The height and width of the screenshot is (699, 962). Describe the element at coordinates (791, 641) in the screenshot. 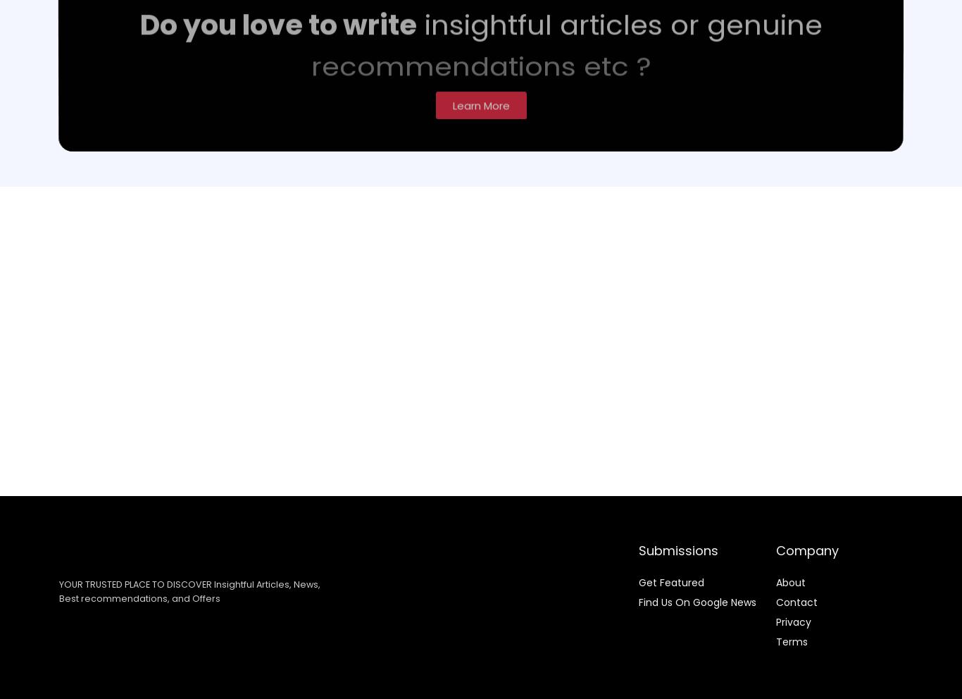

I see `'Terms'` at that location.